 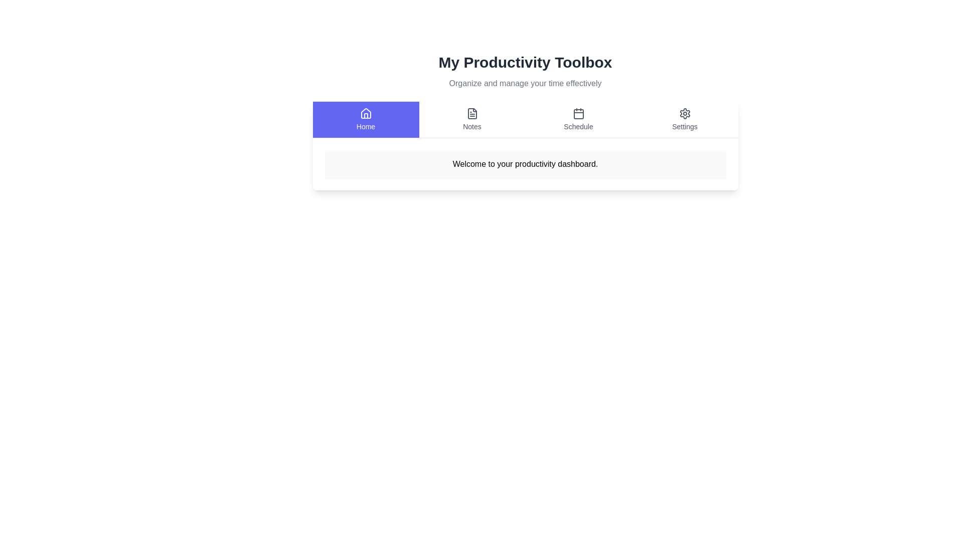 What do you see at coordinates (578, 113) in the screenshot?
I see `the calendar icon, which features thin, rounded lines and is positioned below the header 'My Productivity Toolbox' and before the 'Schedule' label` at bounding box center [578, 113].